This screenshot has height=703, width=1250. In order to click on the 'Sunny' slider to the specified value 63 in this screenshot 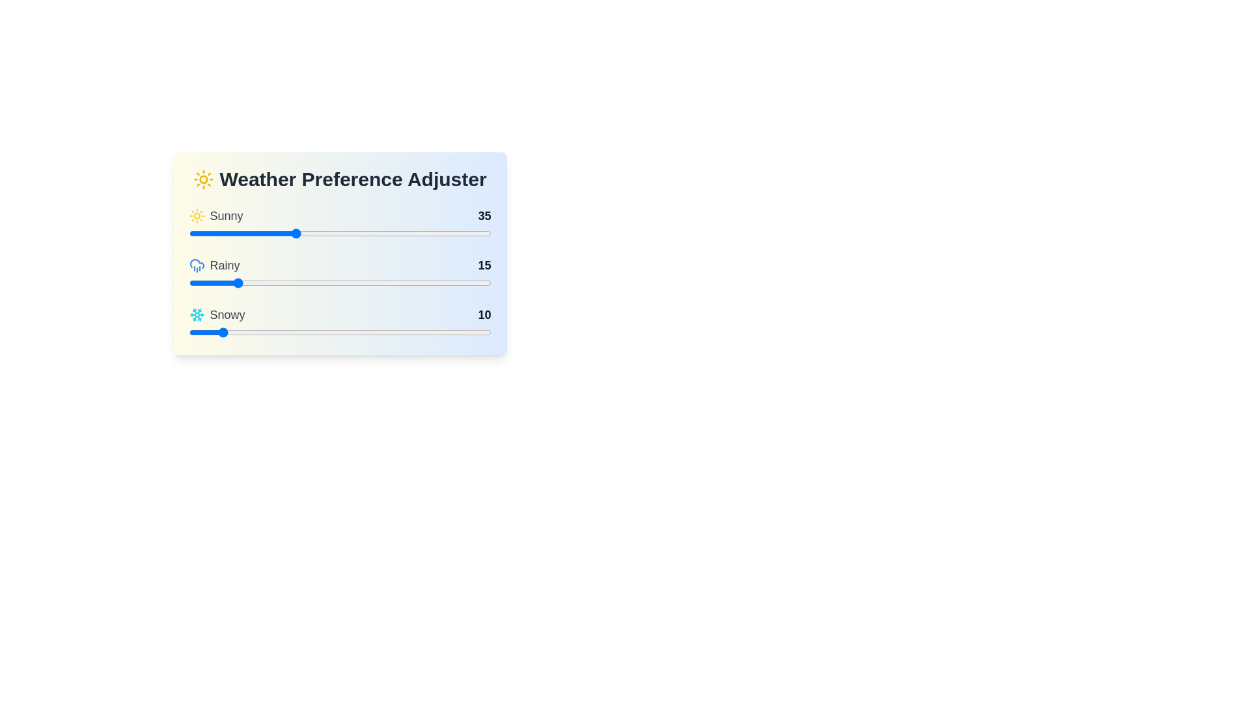, I will do `click(378, 232)`.